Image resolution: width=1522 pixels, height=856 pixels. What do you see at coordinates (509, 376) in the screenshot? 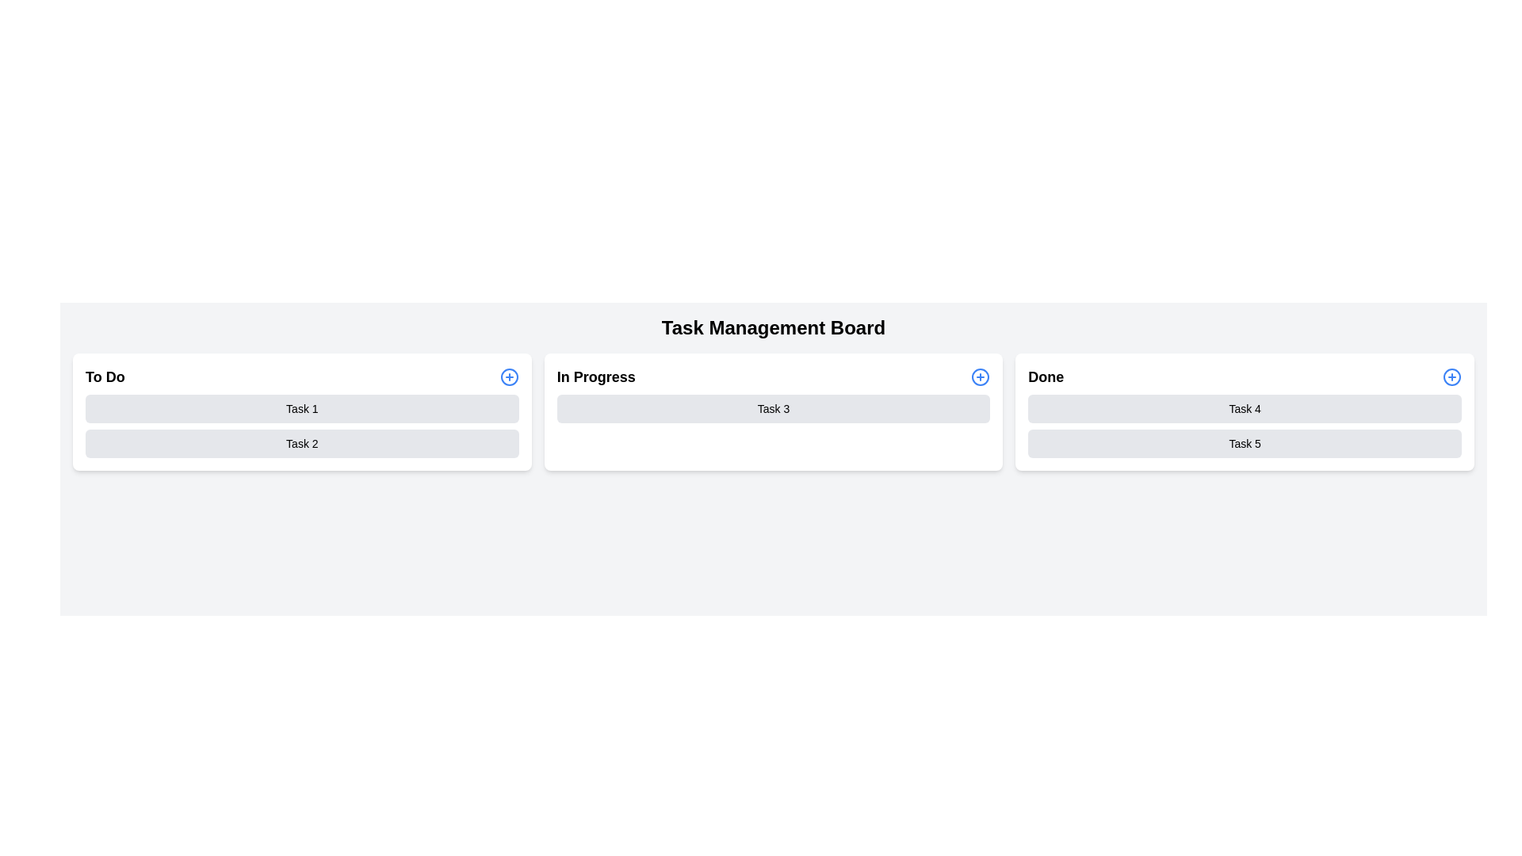
I see `the SVG circle element located in the top-right corner of the 'To Do' section, which is part of the button styled icon for adding tasks` at bounding box center [509, 376].